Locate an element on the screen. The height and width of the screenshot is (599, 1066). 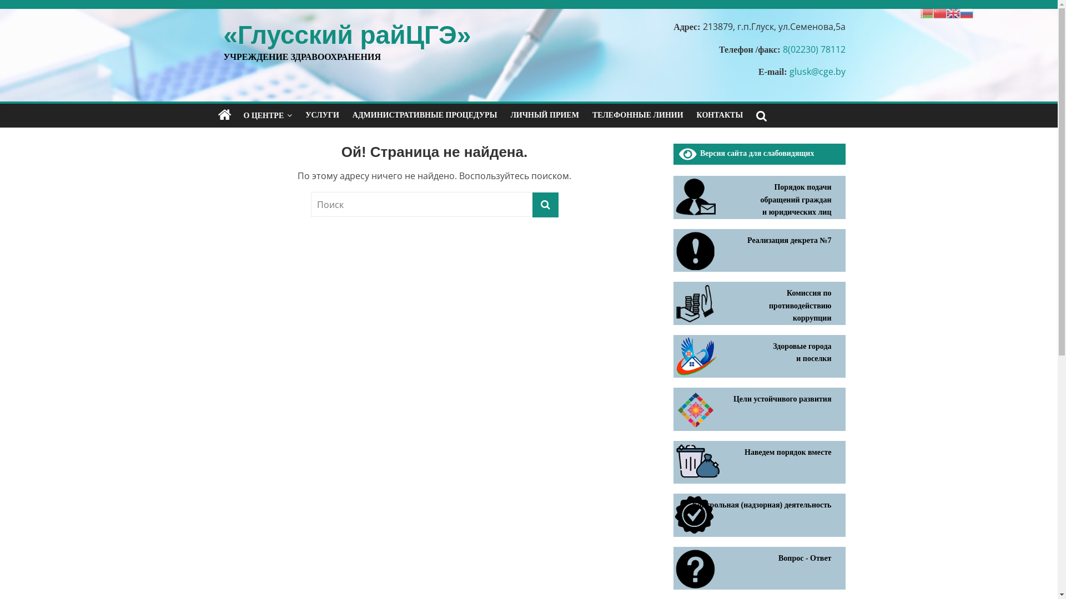
'Chinese (Simplified)' is located at coordinates (939, 12).